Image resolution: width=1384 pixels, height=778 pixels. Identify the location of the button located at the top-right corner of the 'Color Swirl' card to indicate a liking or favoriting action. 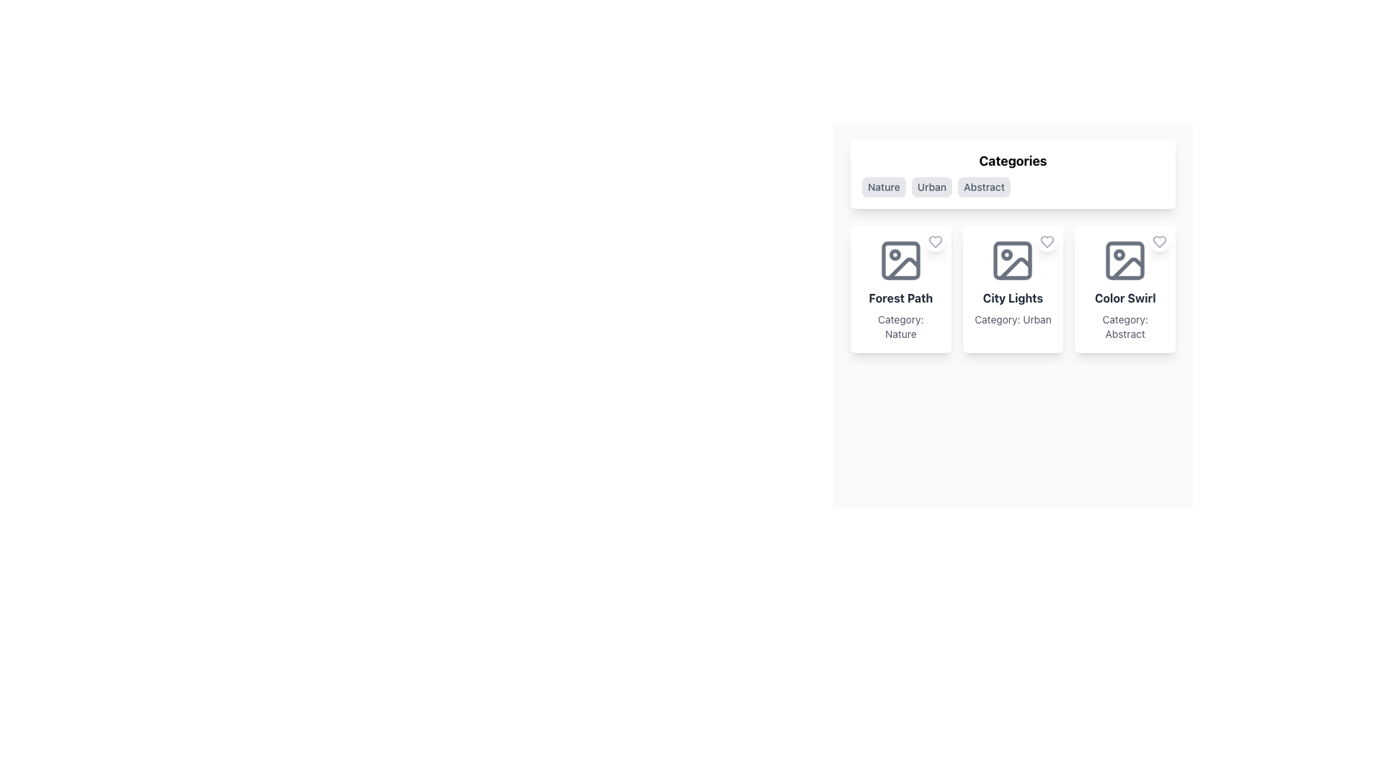
(1159, 241).